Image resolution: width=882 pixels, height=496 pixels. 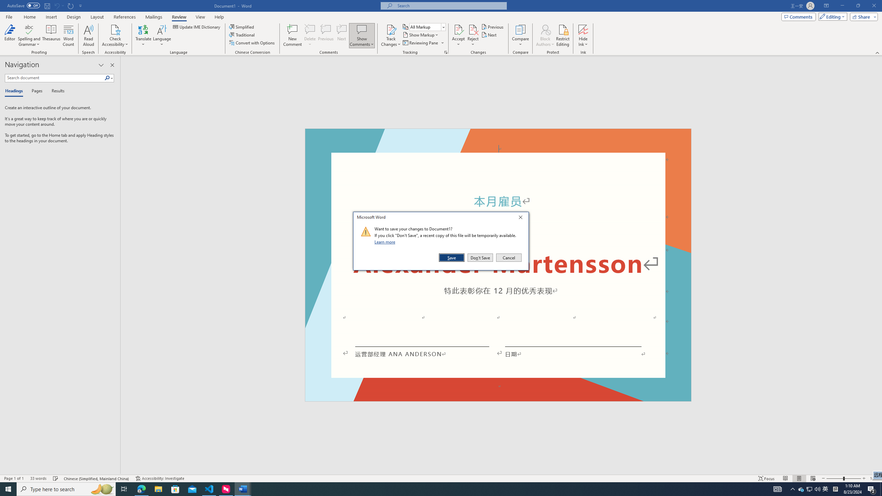 What do you see at coordinates (785, 478) in the screenshot?
I see `'Read Mode'` at bounding box center [785, 478].